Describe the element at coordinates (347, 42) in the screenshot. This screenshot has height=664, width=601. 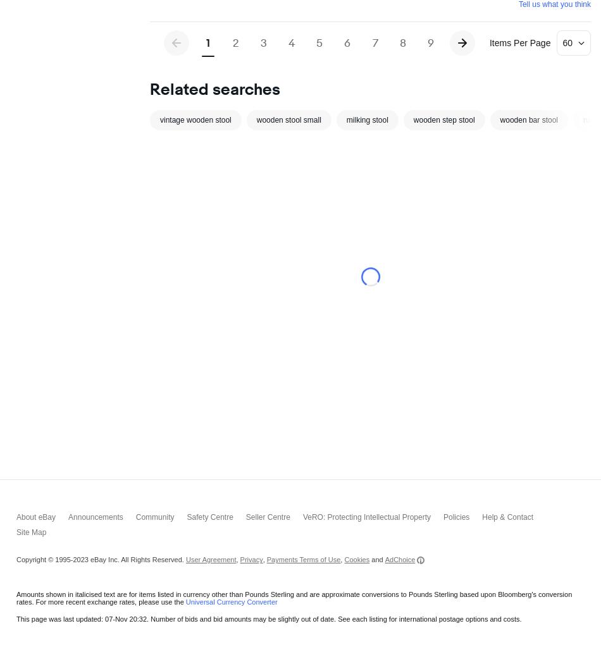
I see `'6'` at that location.